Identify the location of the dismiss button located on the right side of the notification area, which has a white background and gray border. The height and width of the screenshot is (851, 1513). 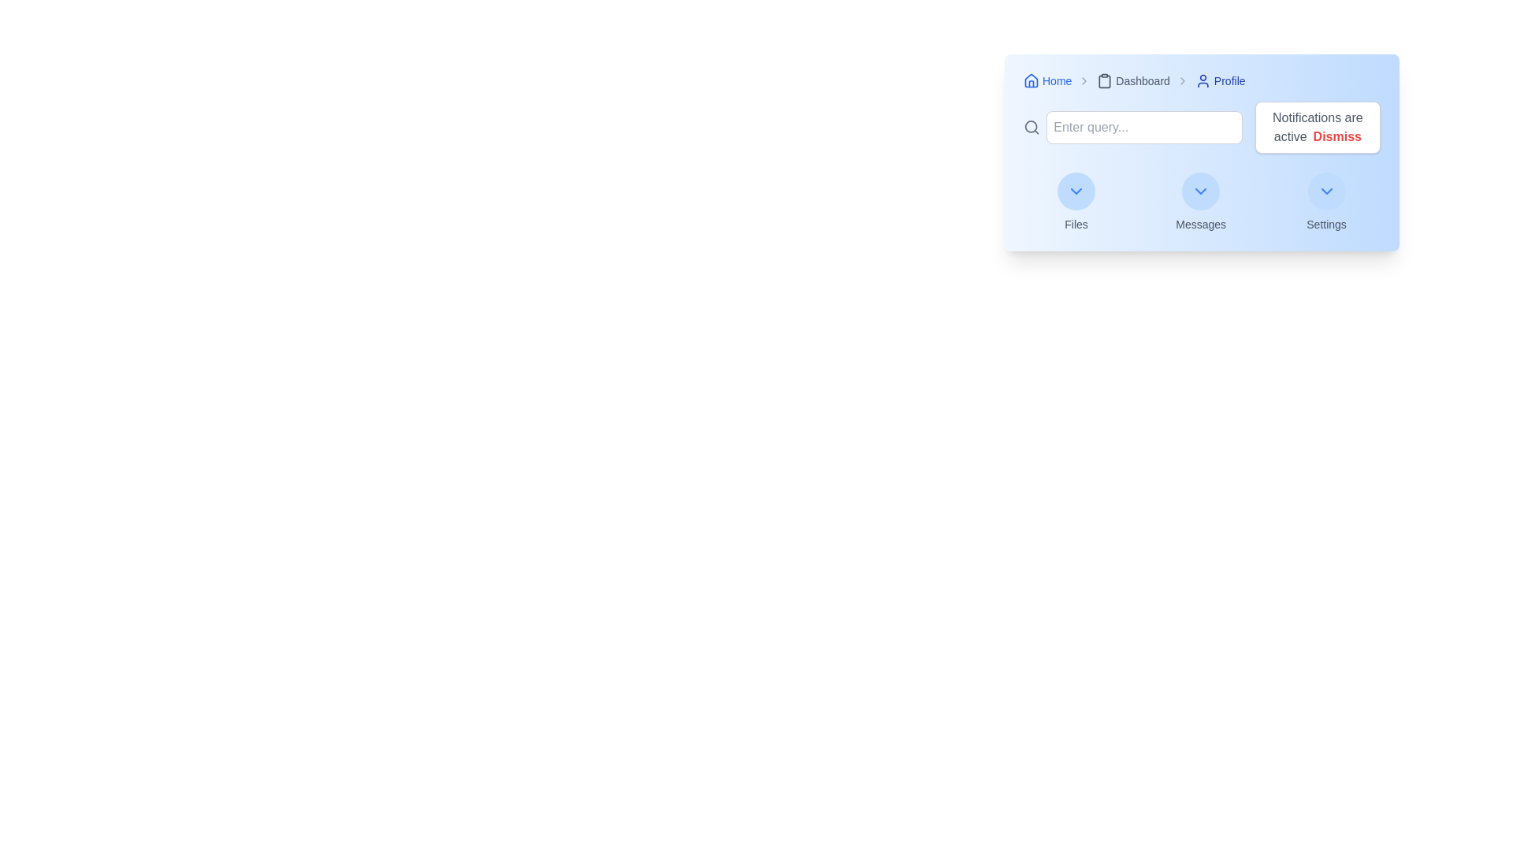
(1336, 136).